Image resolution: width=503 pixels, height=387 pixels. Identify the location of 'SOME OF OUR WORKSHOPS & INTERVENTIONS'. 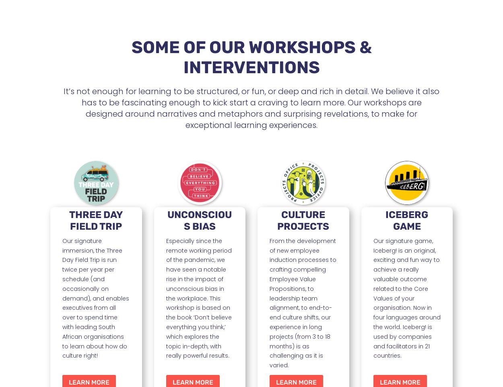
(251, 56).